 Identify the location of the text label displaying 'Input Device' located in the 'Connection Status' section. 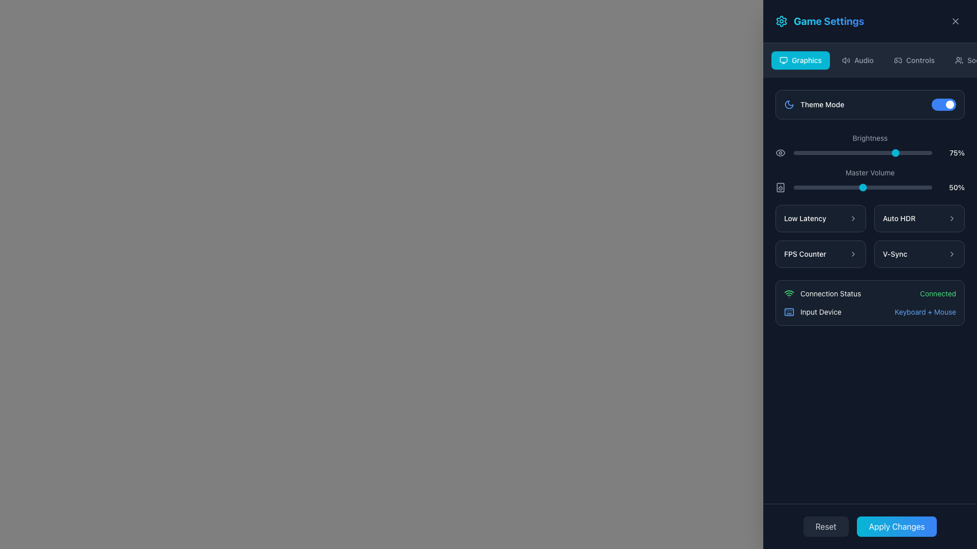
(821, 311).